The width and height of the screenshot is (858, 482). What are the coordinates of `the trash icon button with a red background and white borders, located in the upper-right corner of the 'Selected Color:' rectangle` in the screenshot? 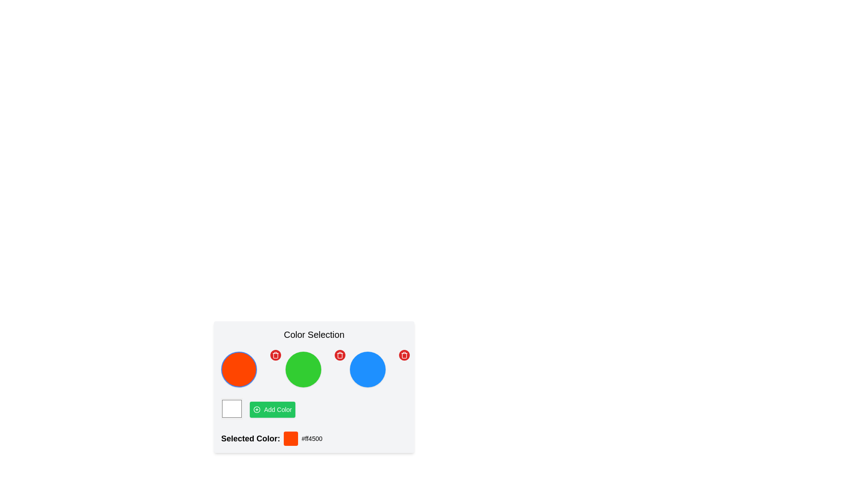 It's located at (275, 354).